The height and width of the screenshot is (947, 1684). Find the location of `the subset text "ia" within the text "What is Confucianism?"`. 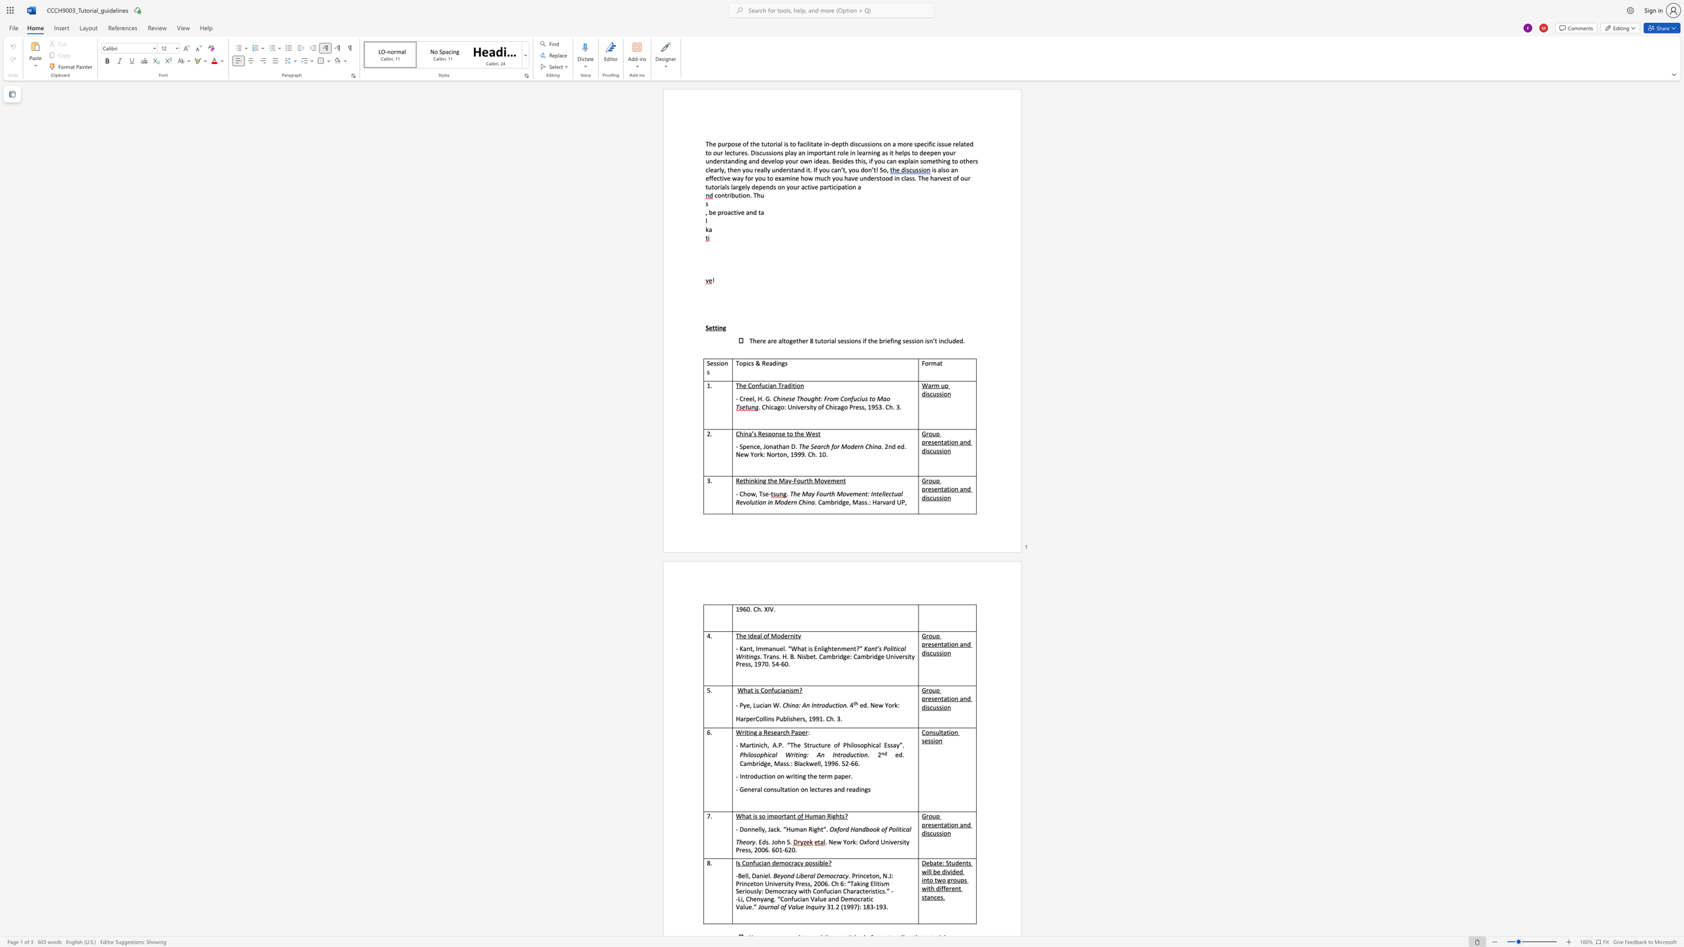

the subset text "ia" within the text "What is Confucianism?" is located at coordinates (780, 689).